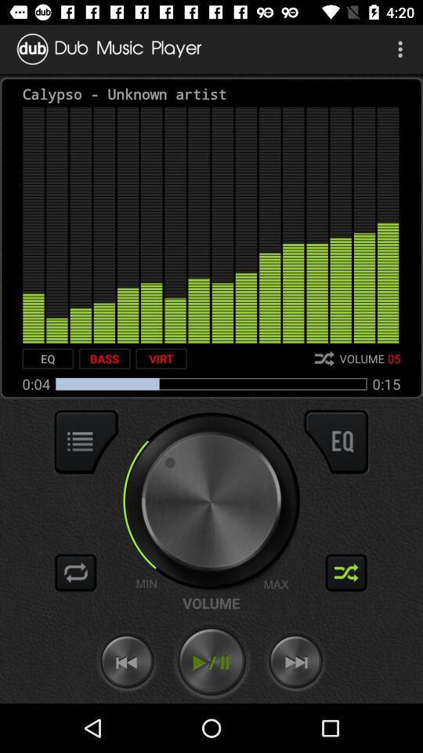  Describe the element at coordinates (161, 358) in the screenshot. I see `item next to the  bass  item` at that location.